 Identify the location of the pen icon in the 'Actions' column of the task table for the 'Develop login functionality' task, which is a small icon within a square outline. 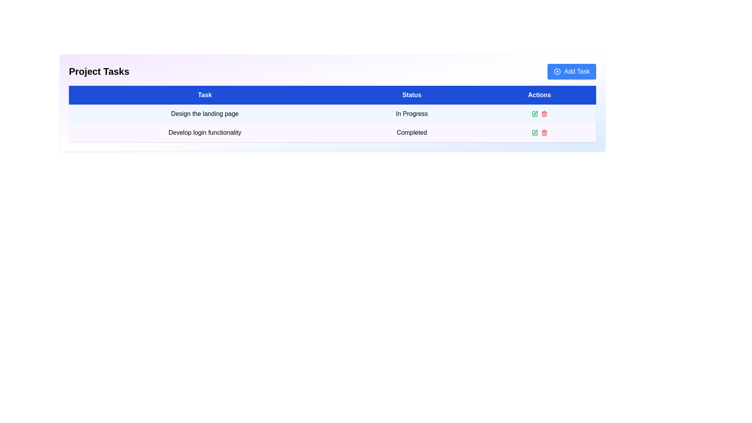
(535, 113).